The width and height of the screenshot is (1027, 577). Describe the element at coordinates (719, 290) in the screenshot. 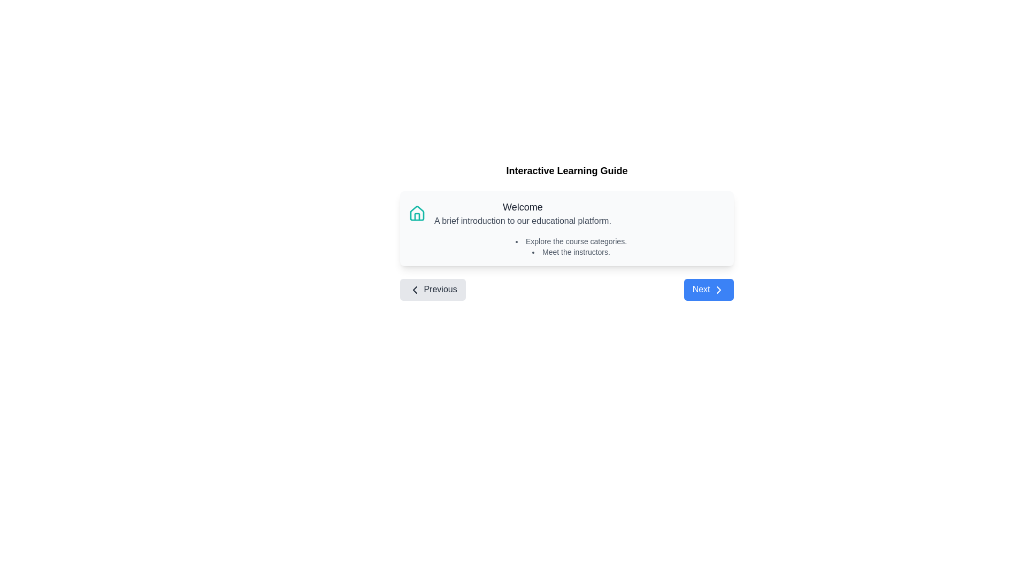

I see `the 'Next' button that contains the rightward-pointing chevron arrow icon in the bottom-right corner of the interface` at that location.